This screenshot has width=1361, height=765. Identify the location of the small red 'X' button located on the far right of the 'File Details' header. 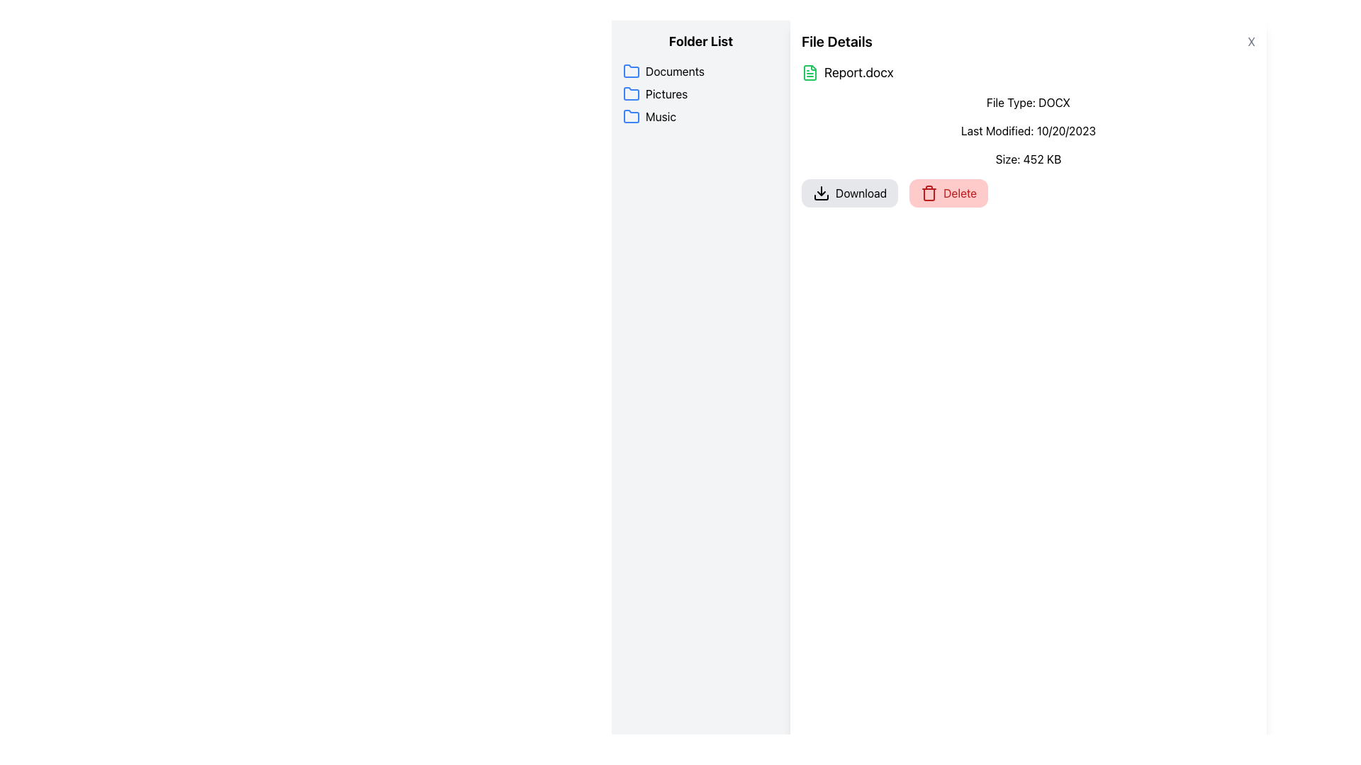
(1251, 40).